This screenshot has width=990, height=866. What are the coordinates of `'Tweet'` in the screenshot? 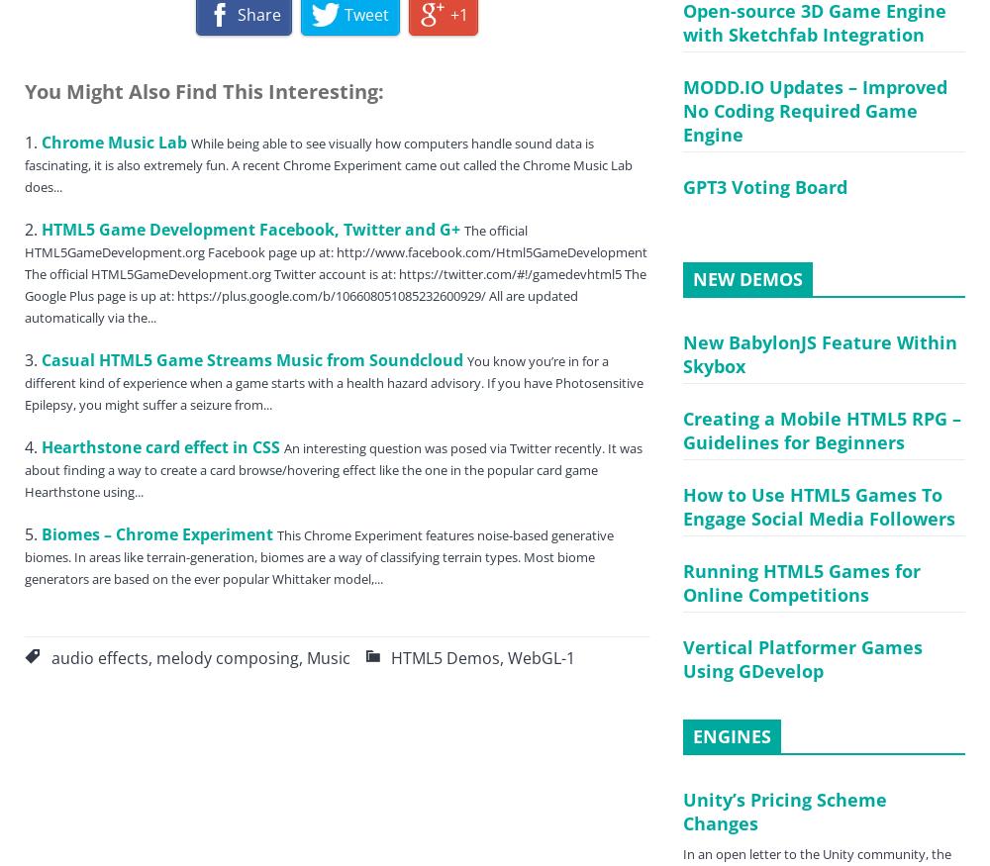 It's located at (343, 13).